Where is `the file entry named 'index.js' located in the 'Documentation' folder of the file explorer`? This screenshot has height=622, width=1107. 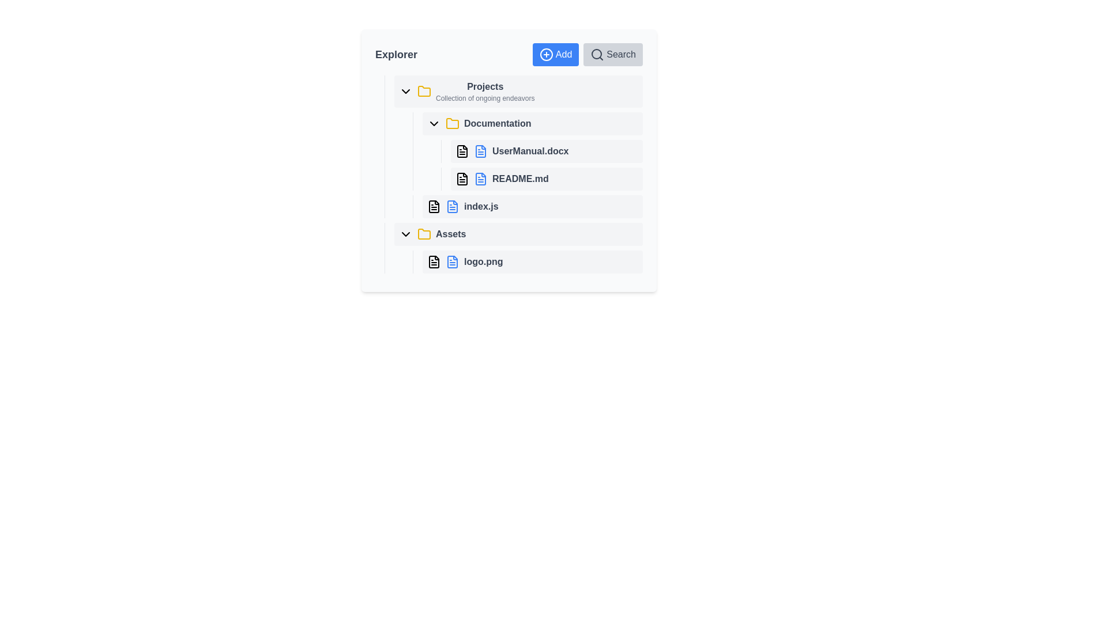 the file entry named 'index.js' located in the 'Documentation' folder of the file explorer is located at coordinates (527, 206).